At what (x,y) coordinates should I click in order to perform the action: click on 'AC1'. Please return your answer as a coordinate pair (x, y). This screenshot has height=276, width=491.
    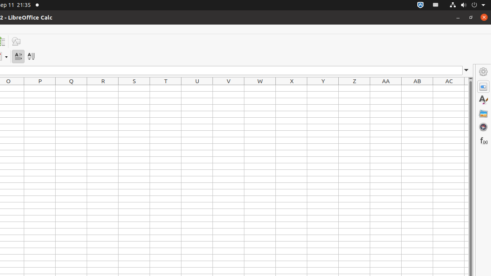
    Looking at the image, I should click on (449, 88).